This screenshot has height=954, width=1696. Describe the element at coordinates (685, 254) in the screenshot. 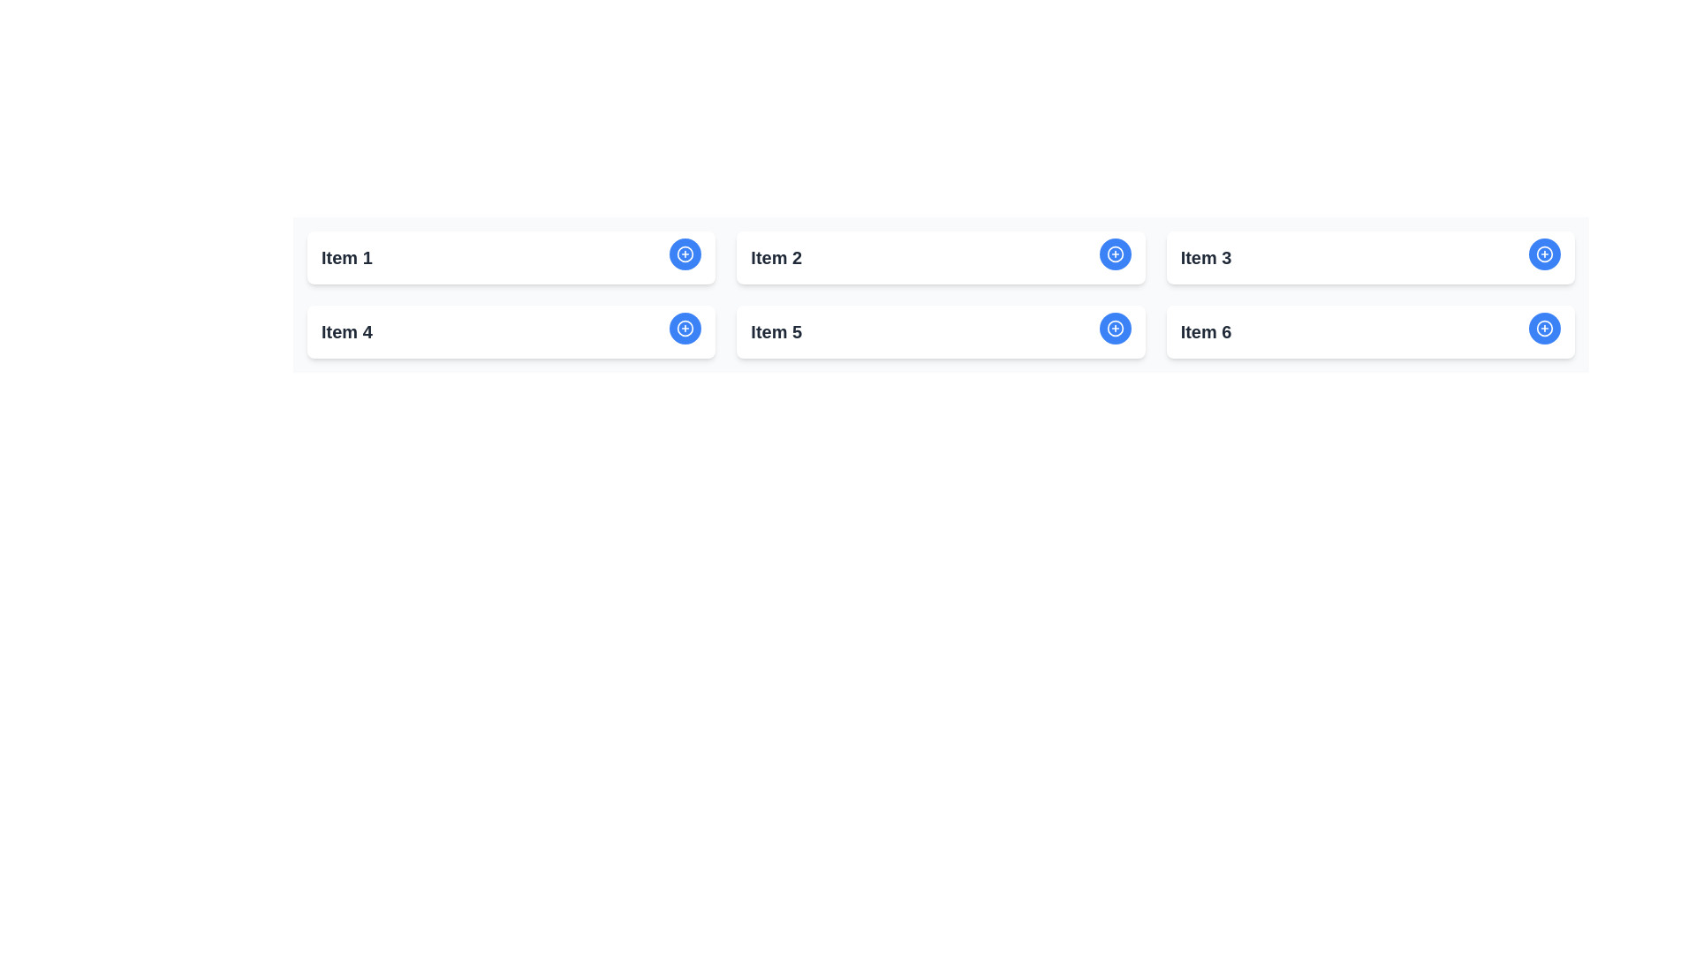

I see `the circular icon button with a blue background and a white '+' symbol` at that location.